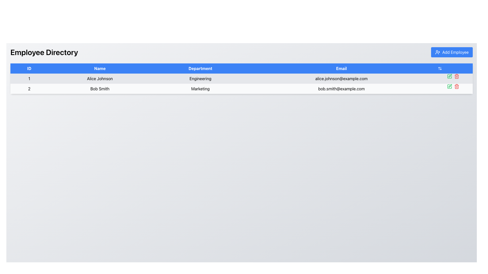 The image size is (488, 274). Describe the element at coordinates (341, 68) in the screenshot. I see `the 'Email' column header` at that location.